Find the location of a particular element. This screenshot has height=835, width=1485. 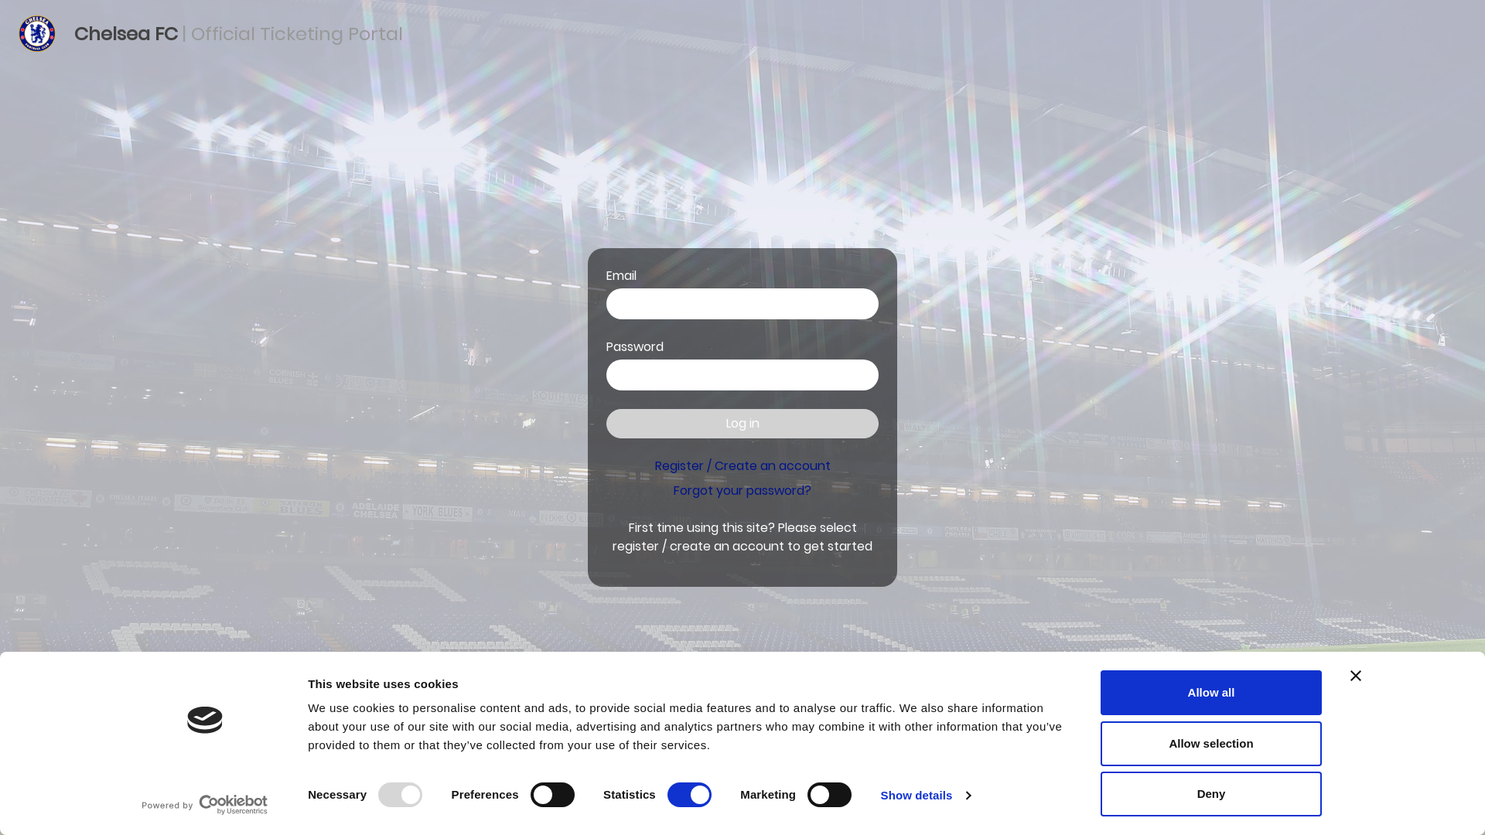

'Show details' is located at coordinates (925, 796).